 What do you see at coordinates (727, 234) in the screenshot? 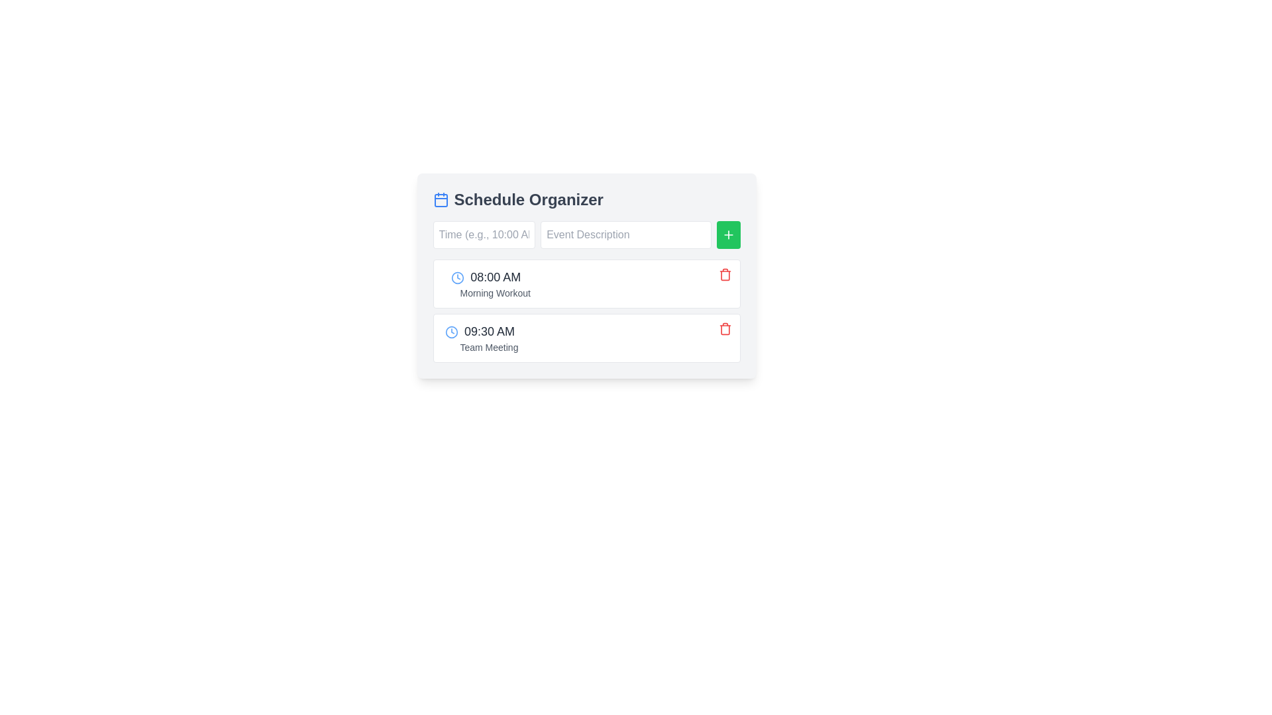
I see `the small square button with a green background and a white plus sign icon` at bounding box center [727, 234].